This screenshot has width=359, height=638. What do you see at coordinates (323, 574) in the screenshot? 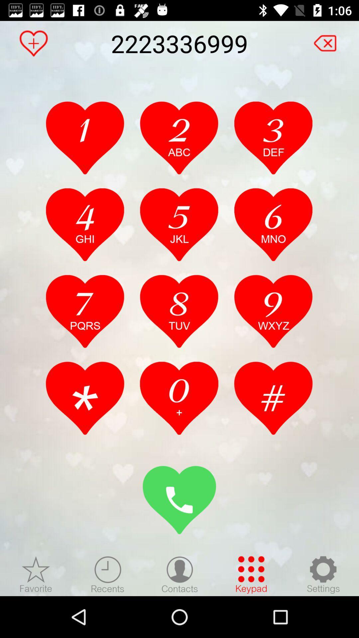
I see `the settings icon` at bounding box center [323, 574].